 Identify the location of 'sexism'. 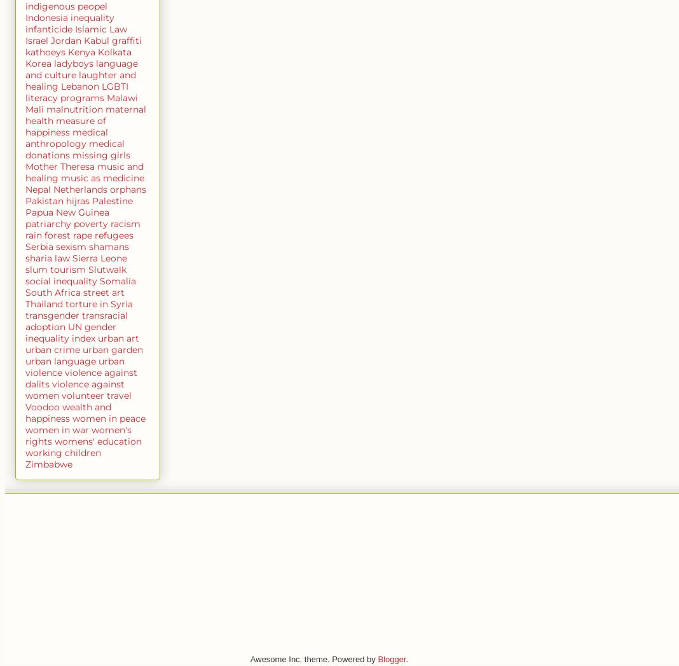
(71, 245).